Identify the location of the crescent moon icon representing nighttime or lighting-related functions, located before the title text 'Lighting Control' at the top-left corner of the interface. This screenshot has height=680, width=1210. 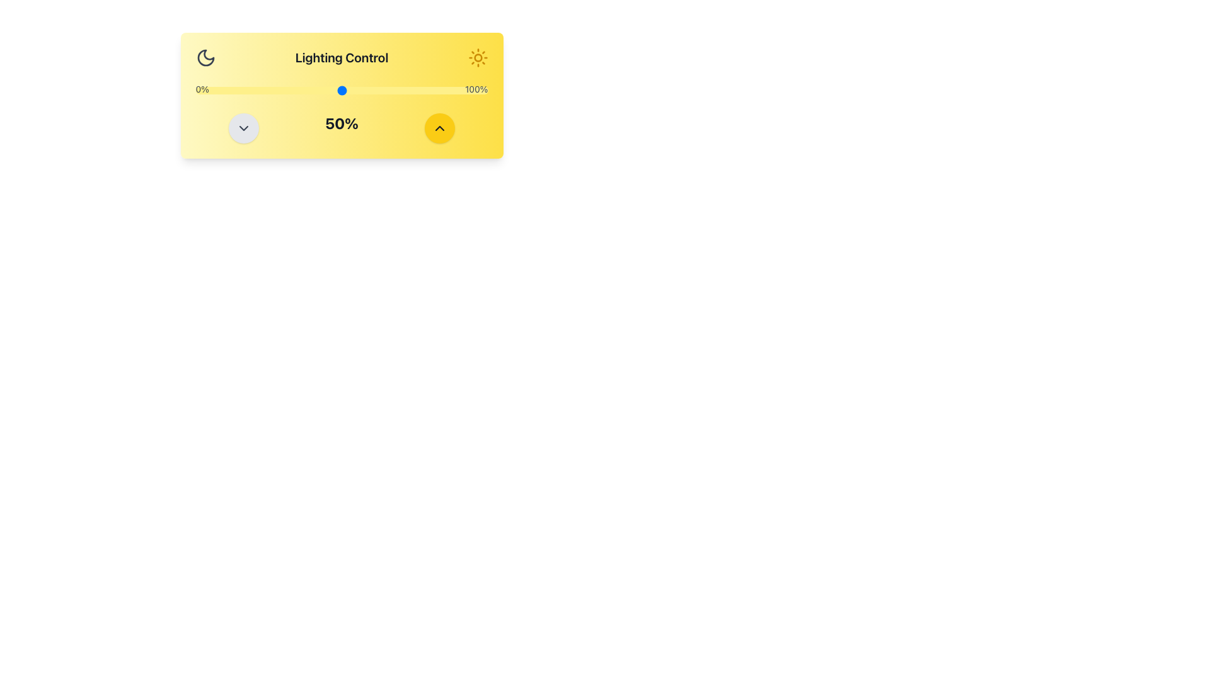
(205, 58).